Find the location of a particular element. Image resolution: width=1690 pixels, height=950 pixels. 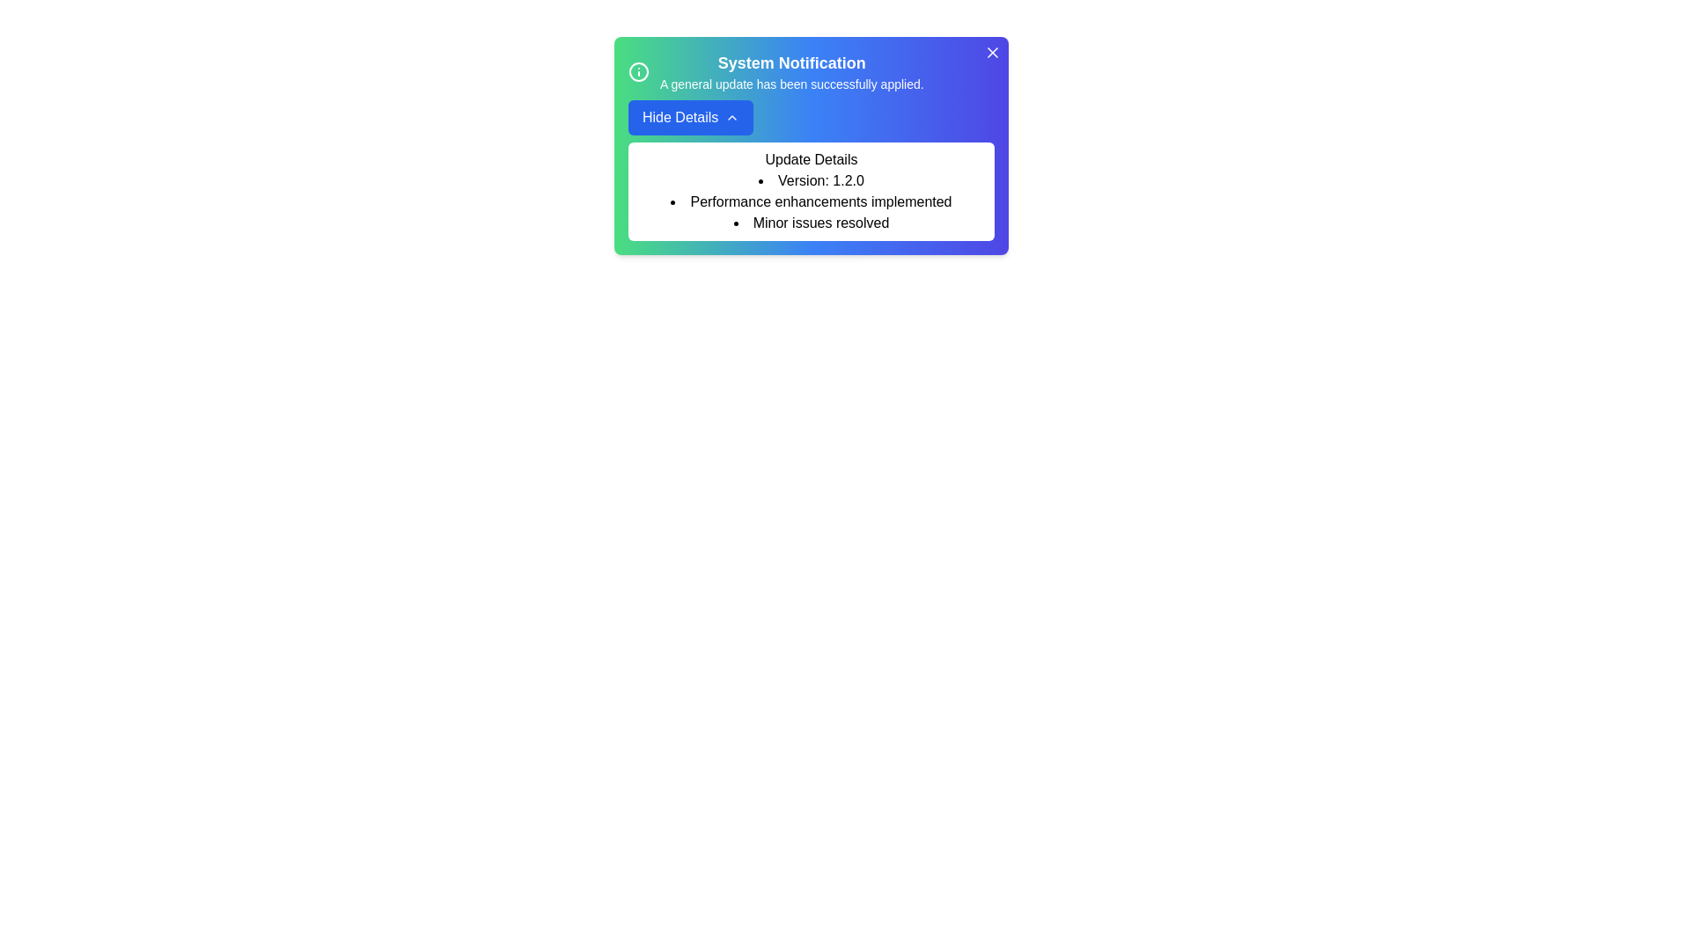

the 'Hide Details' button to toggle the detail view is located at coordinates (690, 118).